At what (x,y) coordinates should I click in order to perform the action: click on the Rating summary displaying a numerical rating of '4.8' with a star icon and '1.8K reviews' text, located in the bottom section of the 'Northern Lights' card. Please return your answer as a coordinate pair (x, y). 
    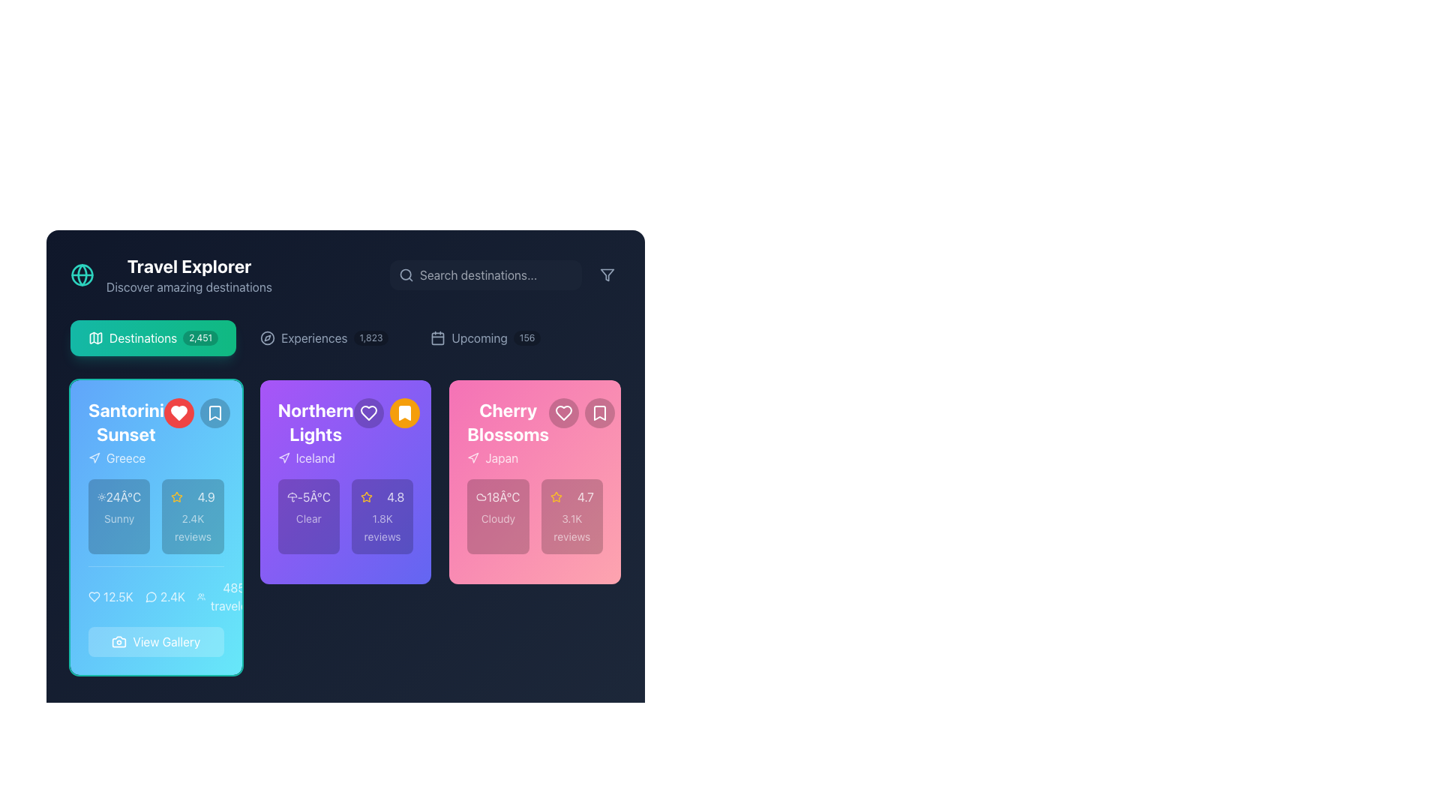
    Looking at the image, I should click on (382, 516).